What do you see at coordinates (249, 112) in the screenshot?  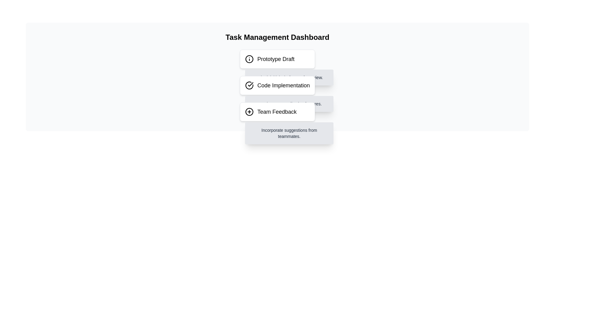 I see `the circular graphic element that is part of the 'Team Feedback' section, which features a plus symbol in a minimalist design` at bounding box center [249, 112].